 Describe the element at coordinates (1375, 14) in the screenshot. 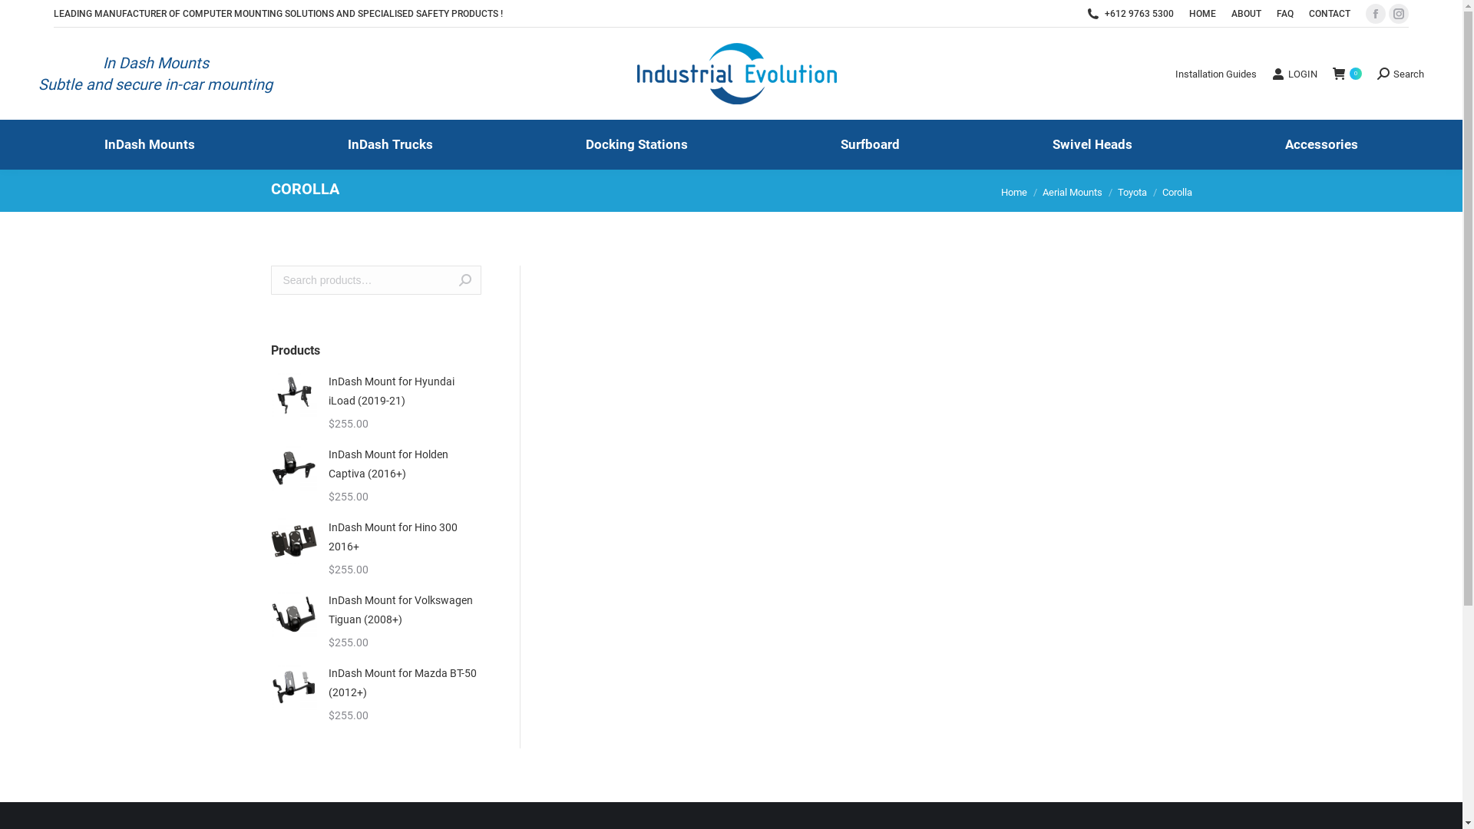

I see `'Facebook page opens in new window'` at that location.